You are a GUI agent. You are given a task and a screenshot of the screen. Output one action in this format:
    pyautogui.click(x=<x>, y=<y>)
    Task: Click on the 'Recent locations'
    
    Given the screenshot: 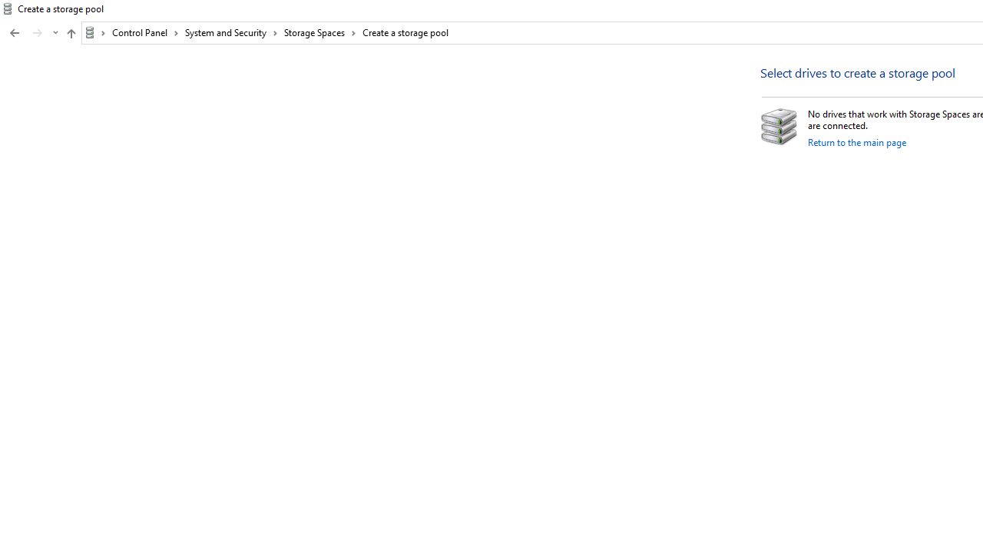 What is the action you would take?
    pyautogui.click(x=55, y=33)
    